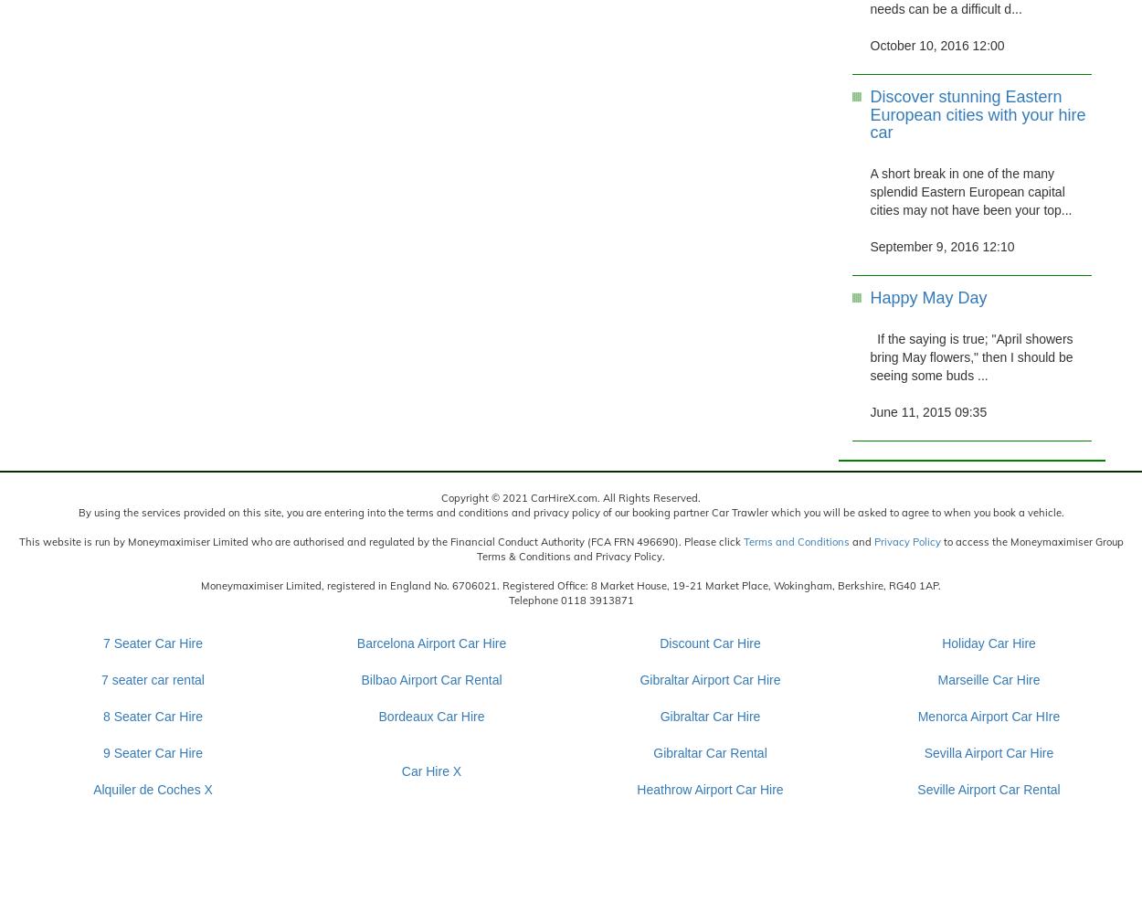 The width and height of the screenshot is (1142, 914). I want to click on 'Barcelona Airport Car Hire', so click(356, 642).